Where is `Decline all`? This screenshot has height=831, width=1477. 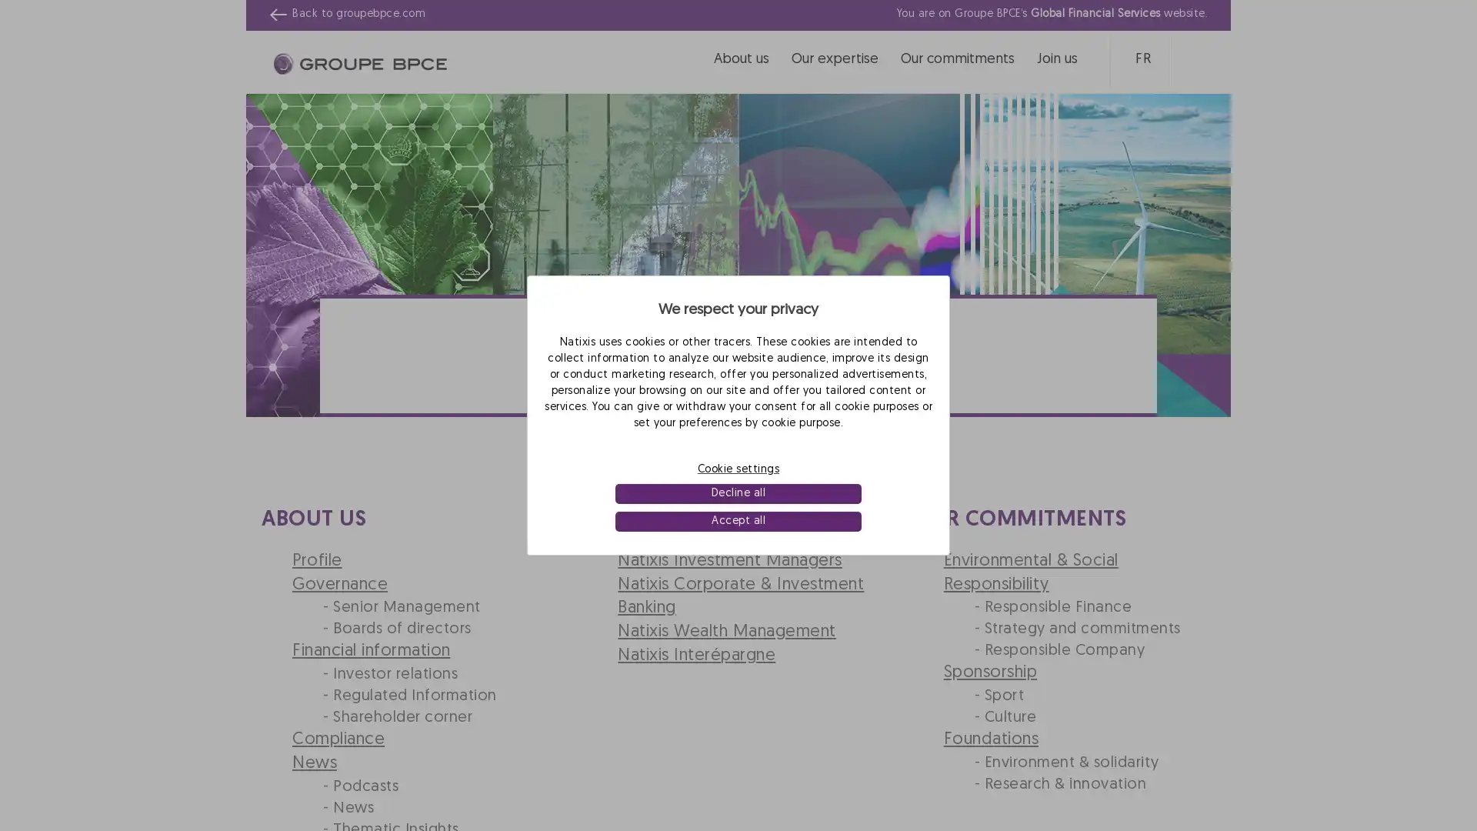
Decline all is located at coordinates (737, 493).